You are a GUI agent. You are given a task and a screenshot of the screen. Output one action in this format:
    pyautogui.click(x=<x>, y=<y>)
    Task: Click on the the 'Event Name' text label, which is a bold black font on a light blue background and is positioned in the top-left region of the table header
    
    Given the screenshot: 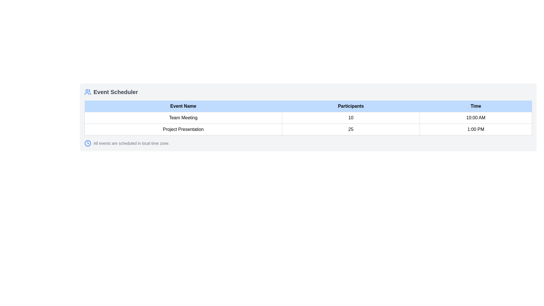 What is the action you would take?
    pyautogui.click(x=183, y=106)
    